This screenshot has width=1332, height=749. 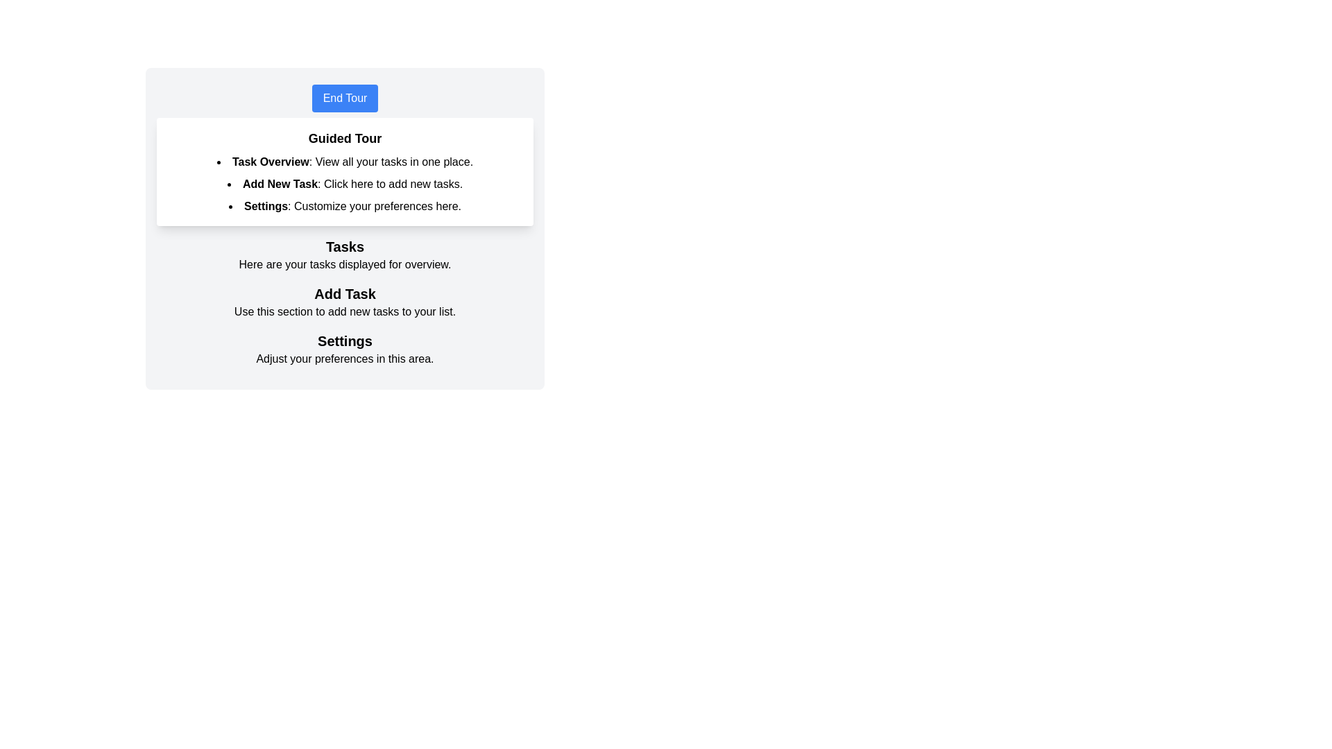 What do you see at coordinates (345, 184) in the screenshot?
I see `text of the label that starts with 'Add New Task:' and instructs 'Click here to add new tasks.' This label is the second item in the 'Guided Tour' list` at bounding box center [345, 184].